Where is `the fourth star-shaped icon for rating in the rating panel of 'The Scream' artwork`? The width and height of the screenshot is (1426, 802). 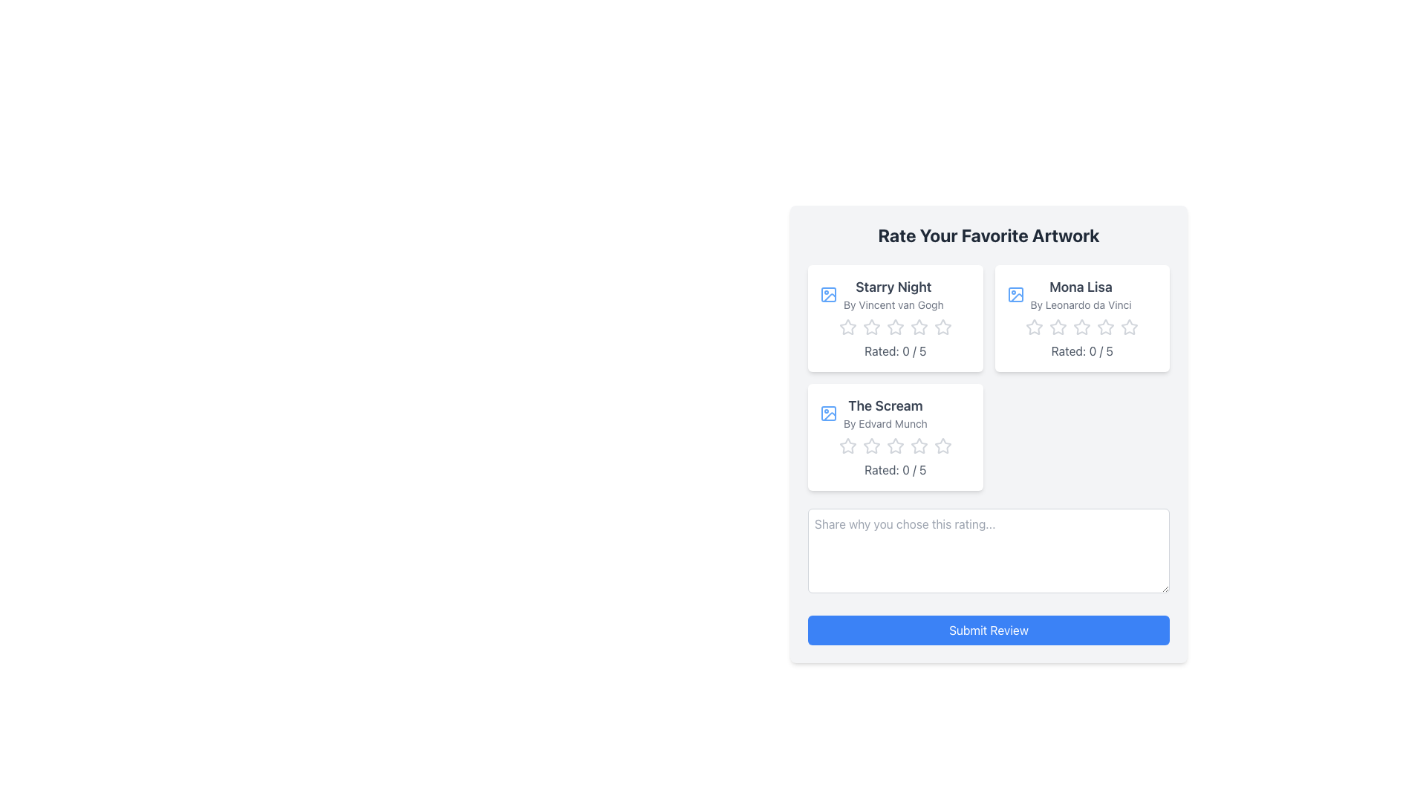 the fourth star-shaped icon for rating in the rating panel of 'The Scream' artwork is located at coordinates (918, 445).